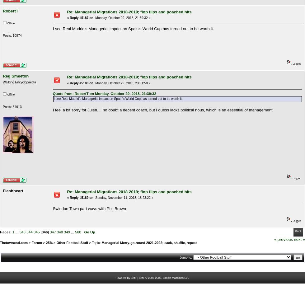  What do you see at coordinates (294, 239) in the screenshot?
I see `'next »'` at bounding box center [294, 239].